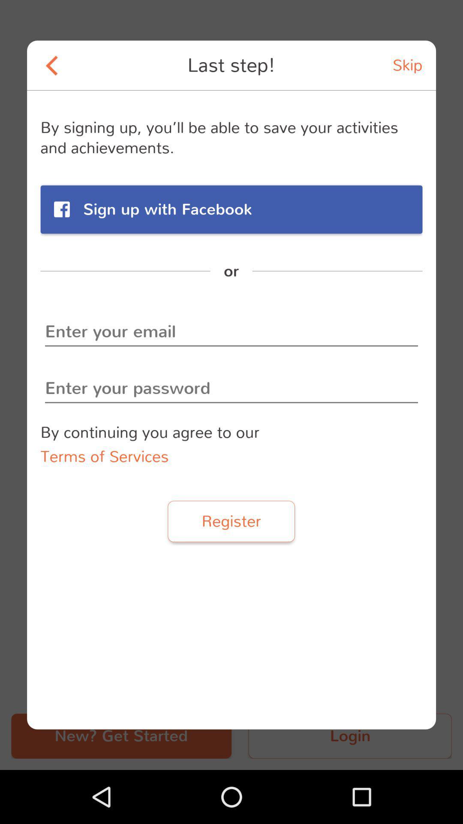  Describe the element at coordinates (51, 65) in the screenshot. I see `the arrow_backward icon` at that location.